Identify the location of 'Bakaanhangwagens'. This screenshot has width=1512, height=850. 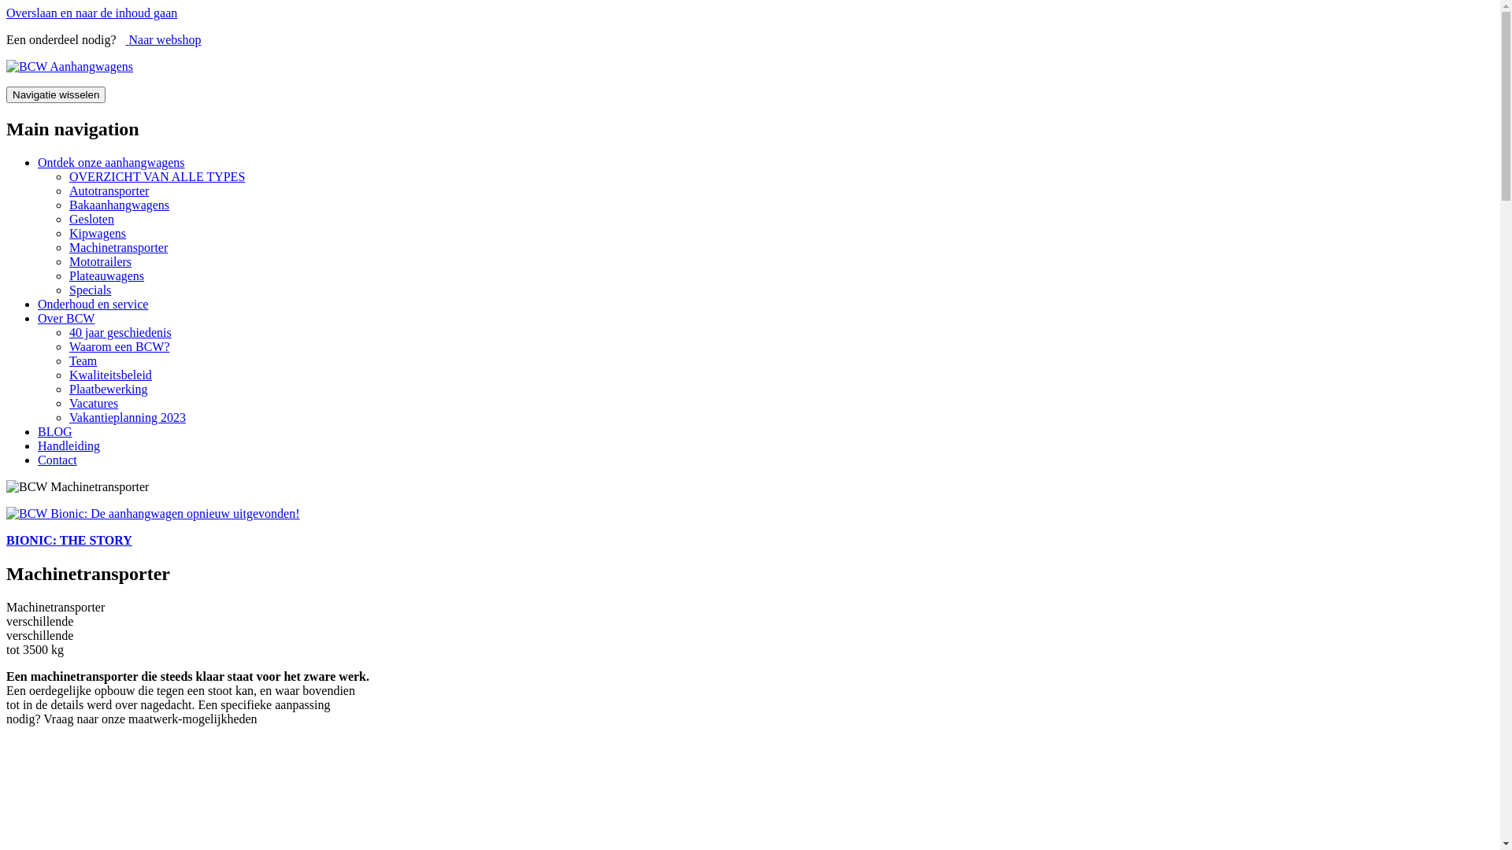
(118, 204).